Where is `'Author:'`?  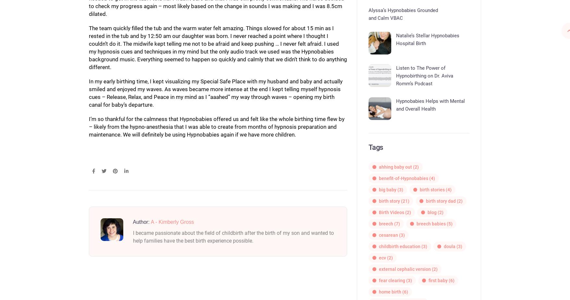
'Author:' is located at coordinates (141, 222).